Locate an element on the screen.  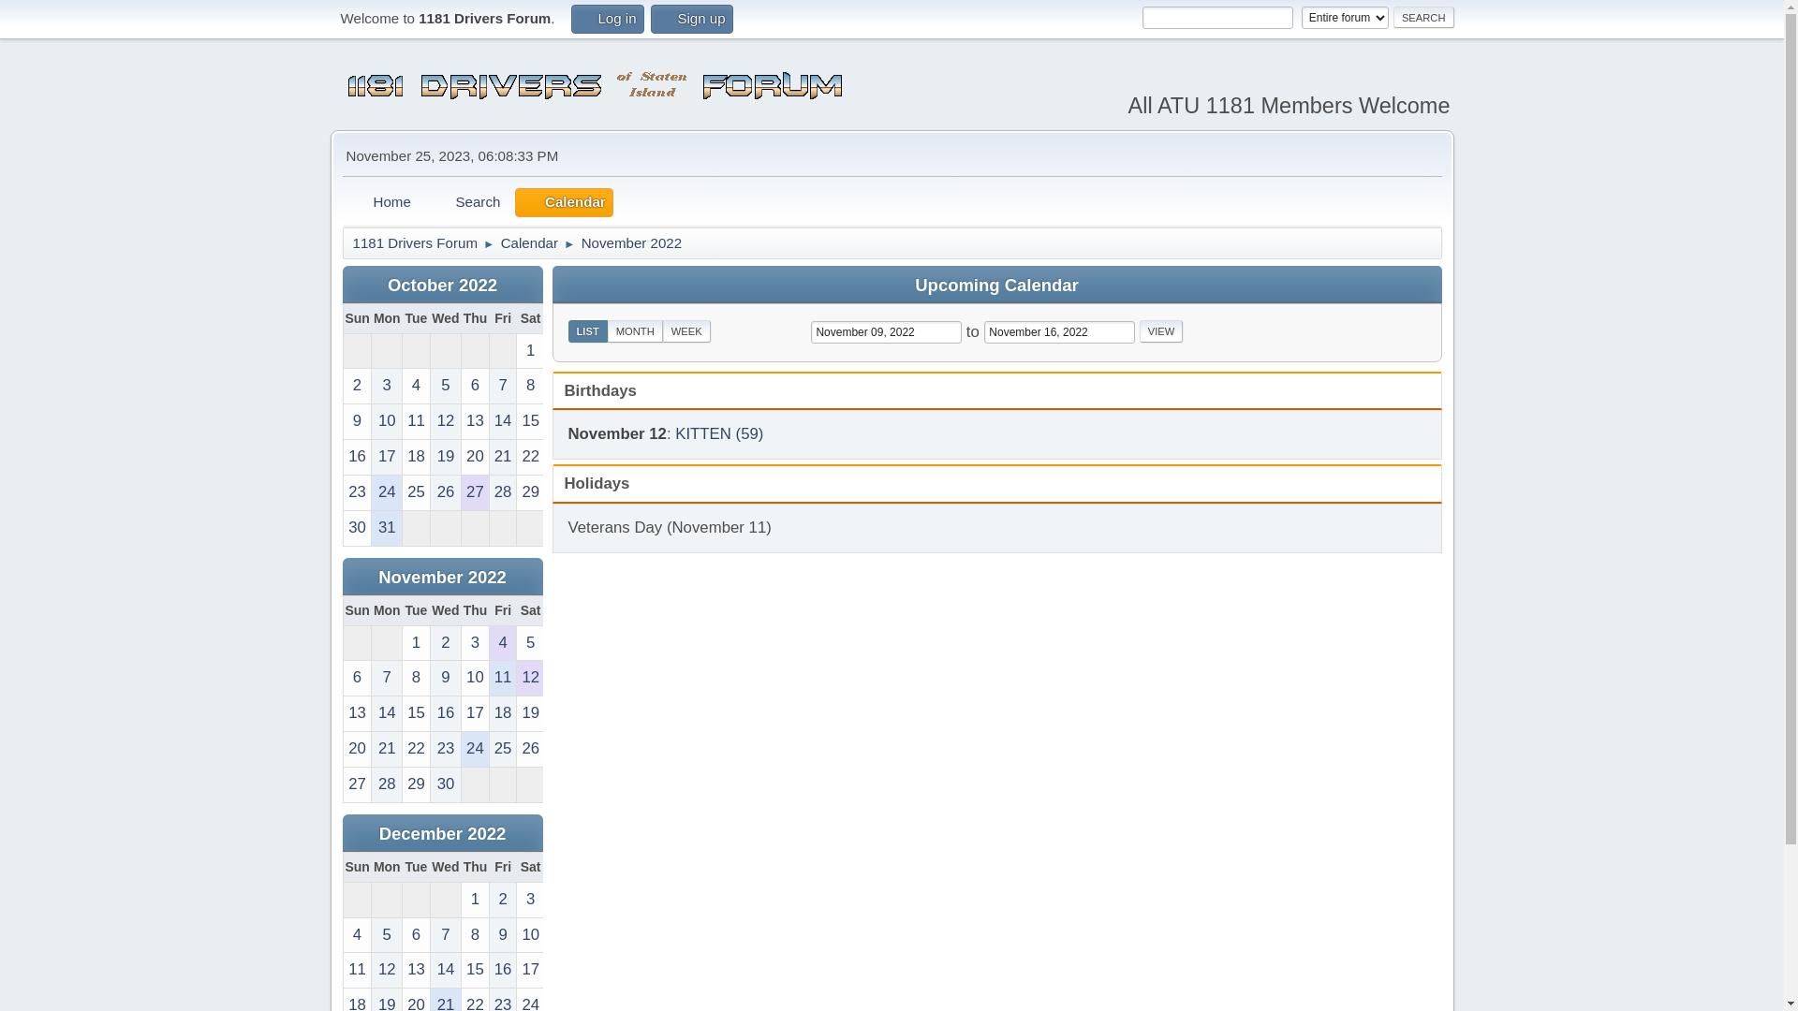
'8' is located at coordinates (529, 385).